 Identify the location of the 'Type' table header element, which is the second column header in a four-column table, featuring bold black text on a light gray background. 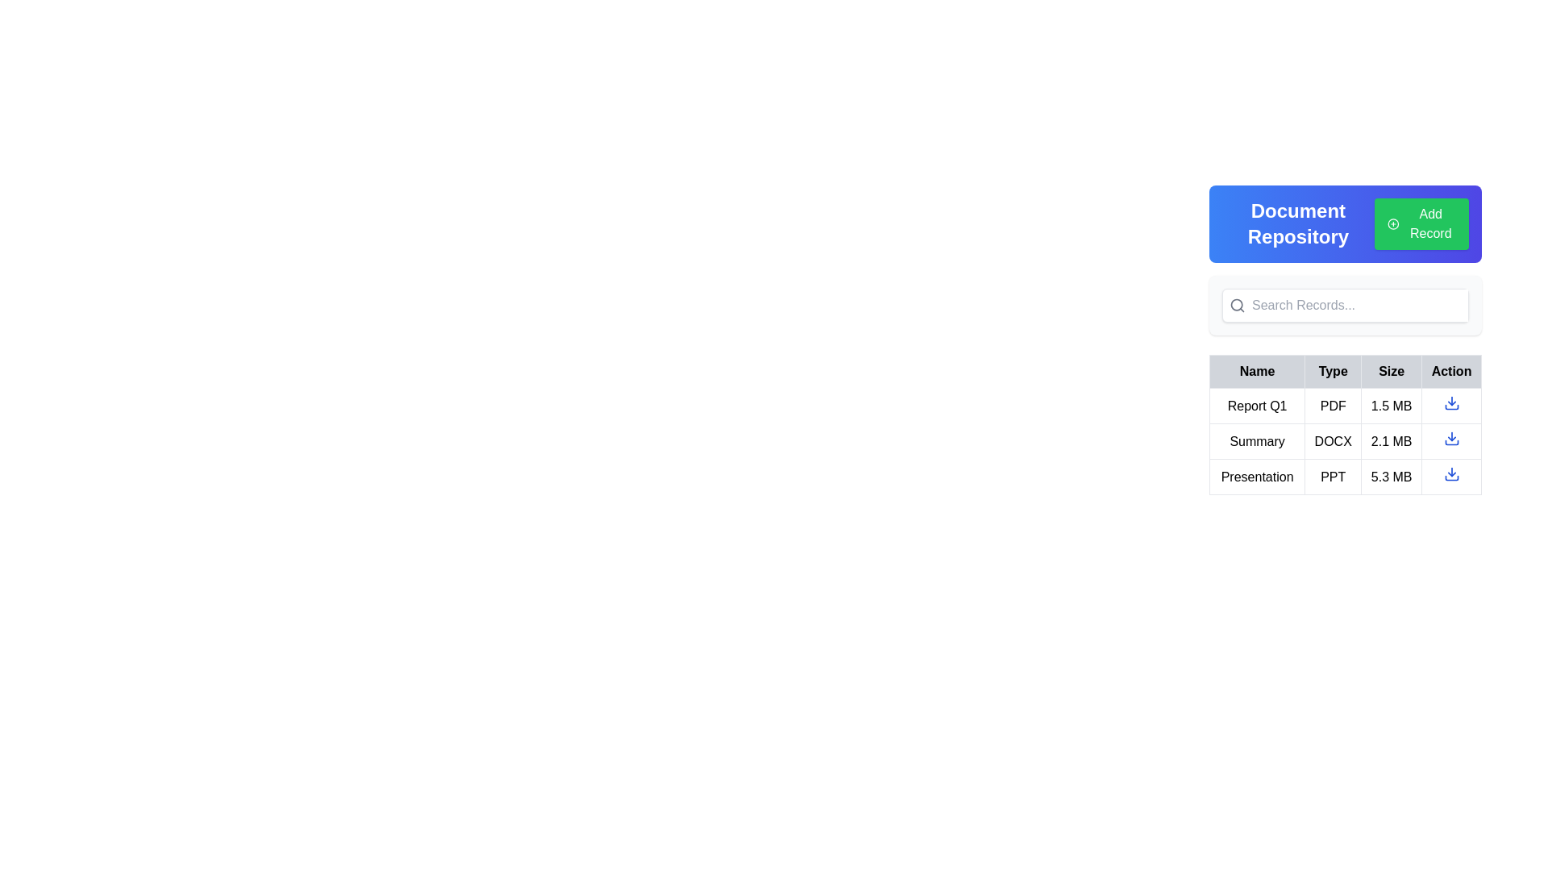
(1333, 372).